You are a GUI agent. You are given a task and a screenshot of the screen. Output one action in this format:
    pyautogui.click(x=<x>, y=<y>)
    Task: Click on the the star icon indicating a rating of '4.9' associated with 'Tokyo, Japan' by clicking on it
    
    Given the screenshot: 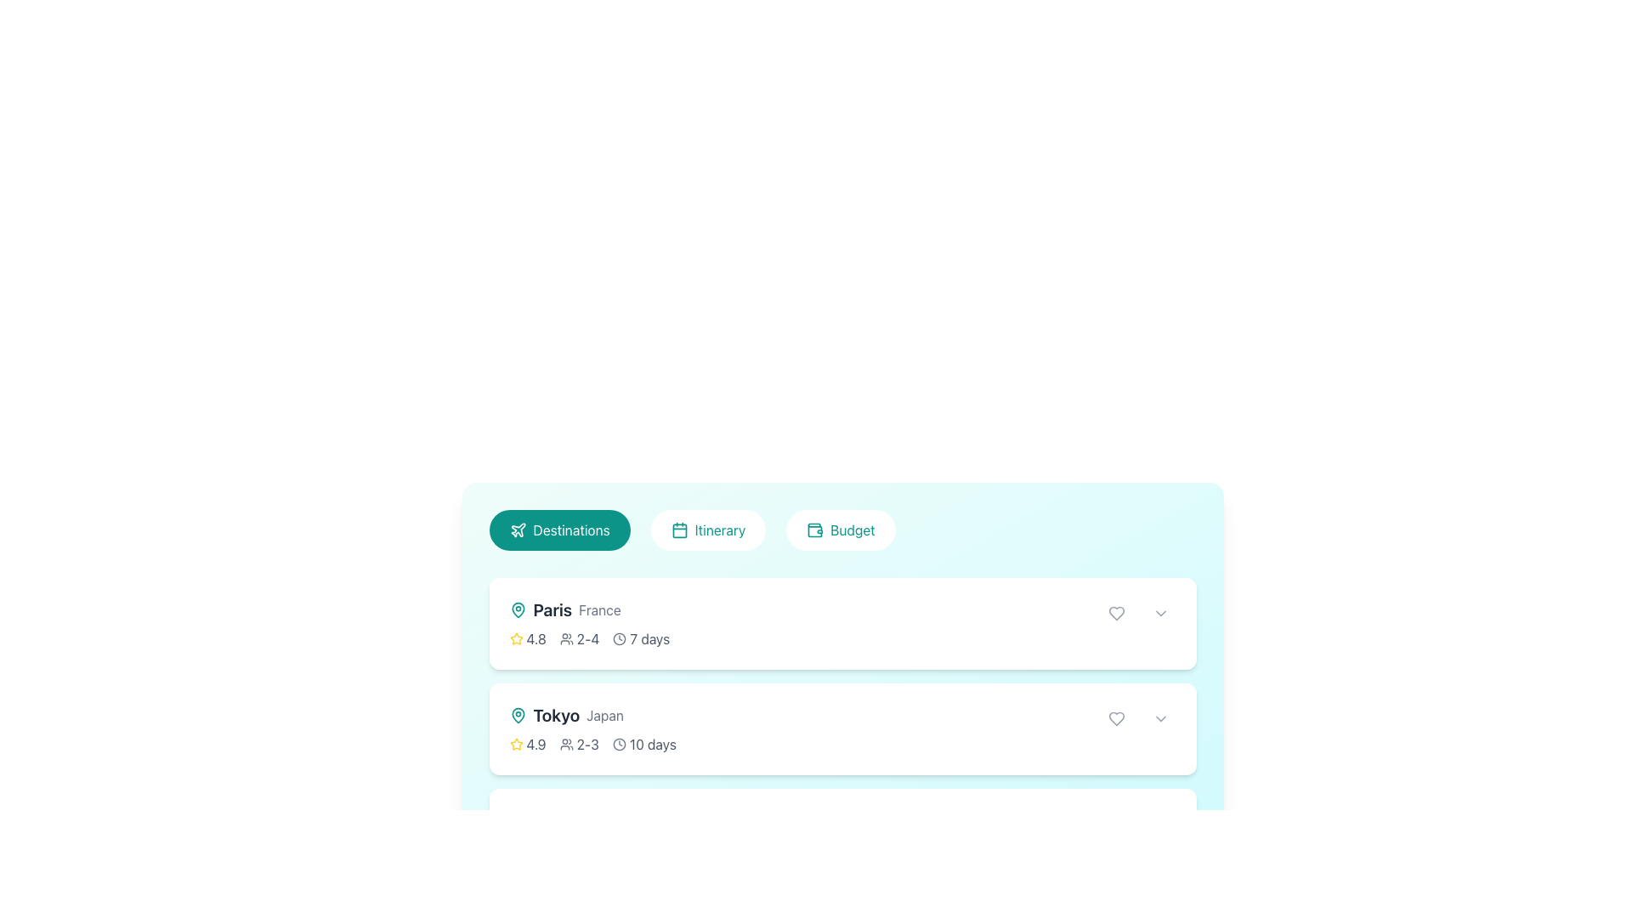 What is the action you would take?
    pyautogui.click(x=515, y=743)
    